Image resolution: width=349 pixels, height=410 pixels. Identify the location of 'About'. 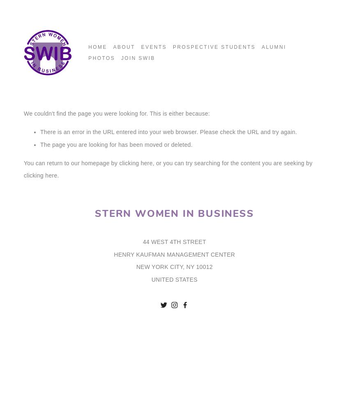
(112, 47).